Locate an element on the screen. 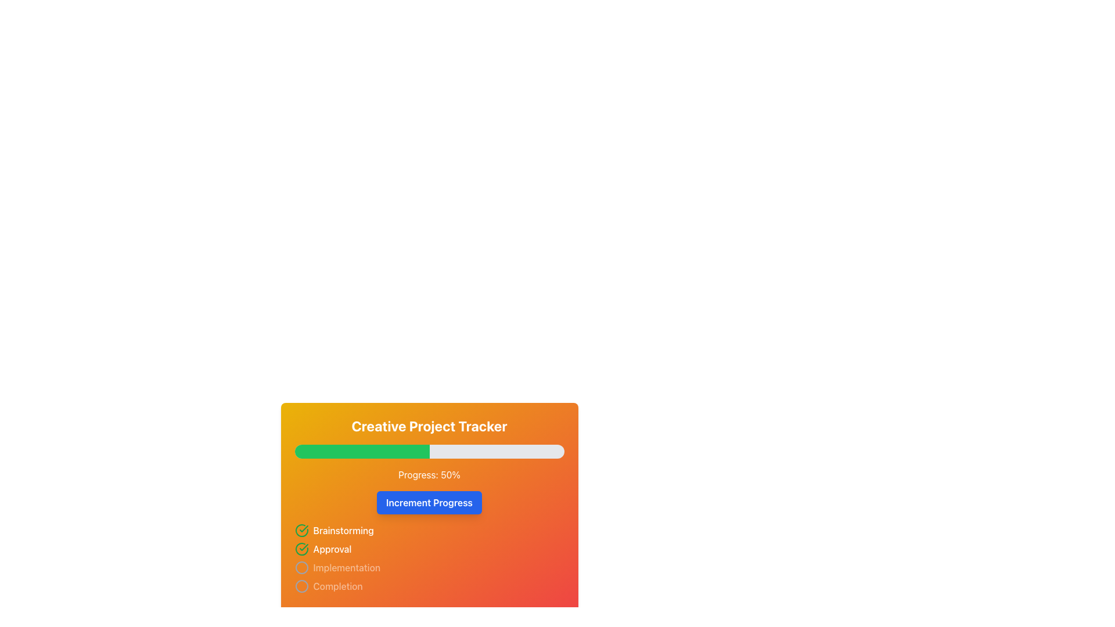  the circular status indicator representing 'Completion' located near the bottom-left corner of the interface, which is the fourth item in the list of status indicators is located at coordinates (301, 586).